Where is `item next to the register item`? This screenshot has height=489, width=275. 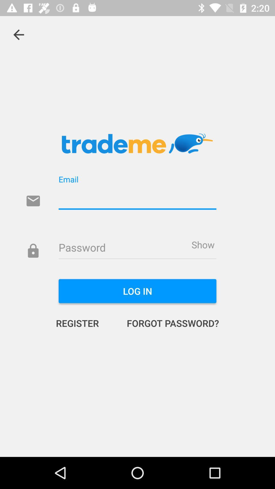 item next to the register item is located at coordinates (168, 323).